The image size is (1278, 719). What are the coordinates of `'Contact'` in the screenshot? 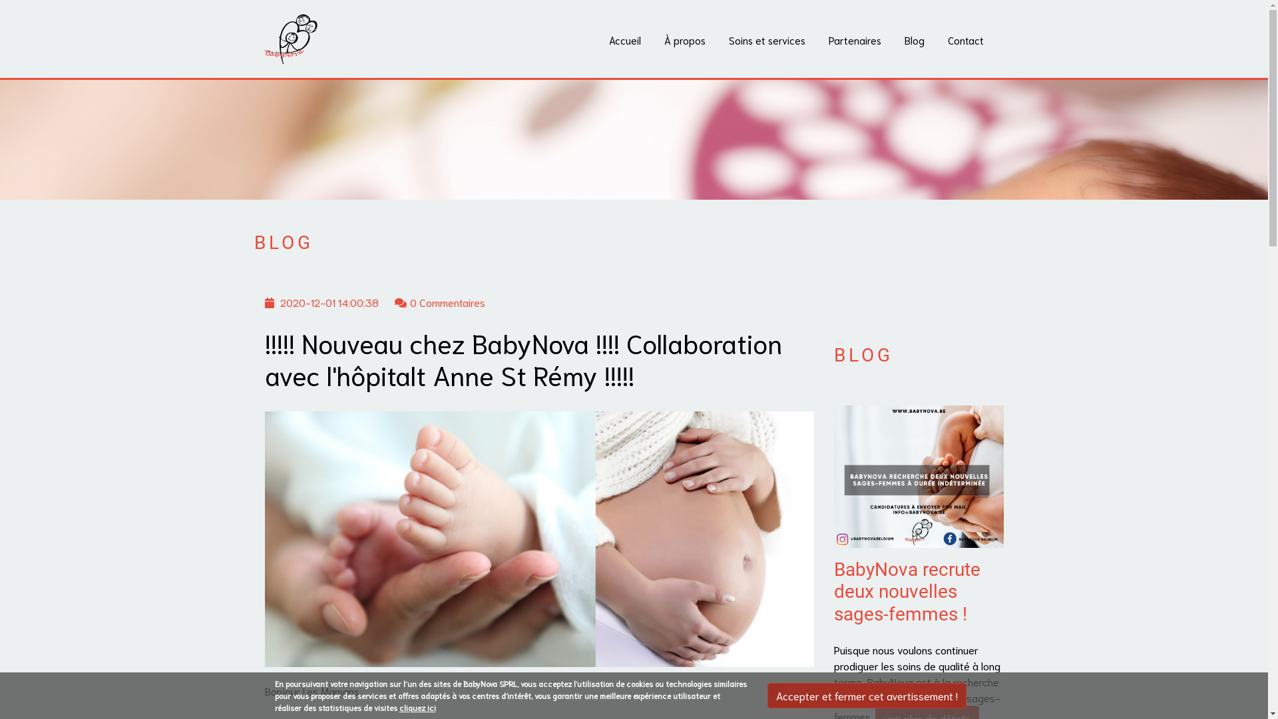 It's located at (965, 39).